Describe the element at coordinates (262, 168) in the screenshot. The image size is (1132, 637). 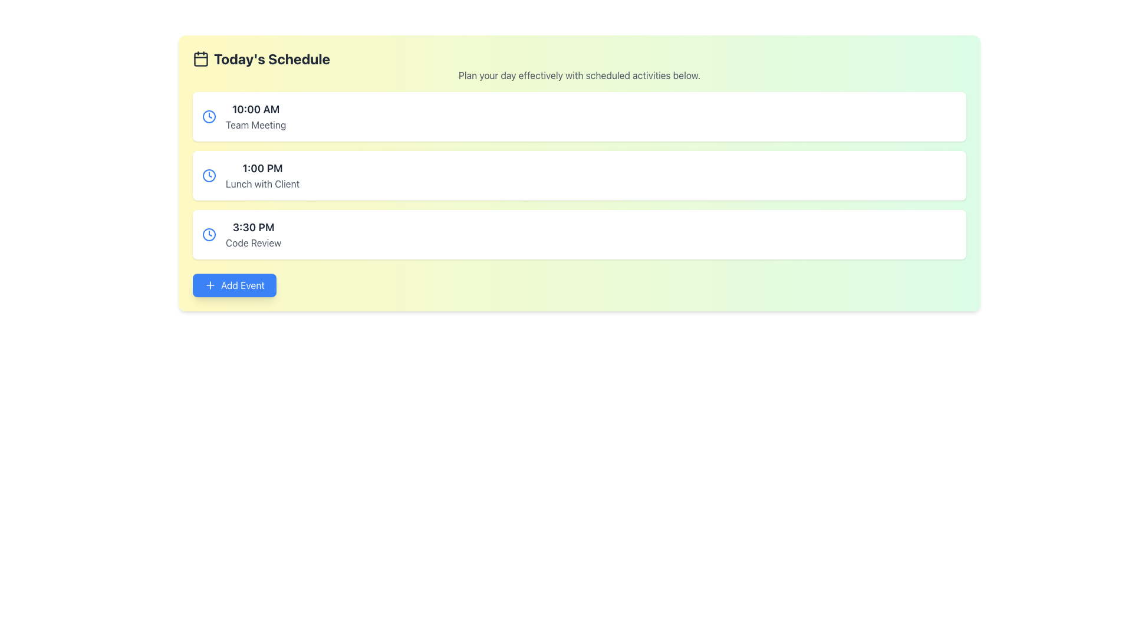
I see `the text label displaying '1:00 PM' which is part of the second card in the schedule area, positioned above 'Lunch with Client'` at that location.